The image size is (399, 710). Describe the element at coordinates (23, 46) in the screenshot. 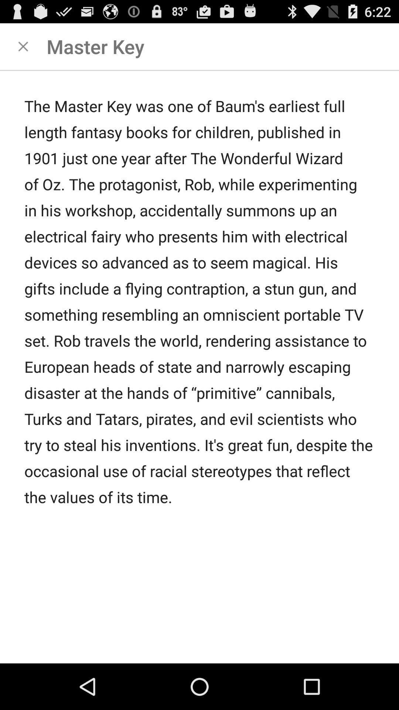

I see `item to the left of the master key icon` at that location.